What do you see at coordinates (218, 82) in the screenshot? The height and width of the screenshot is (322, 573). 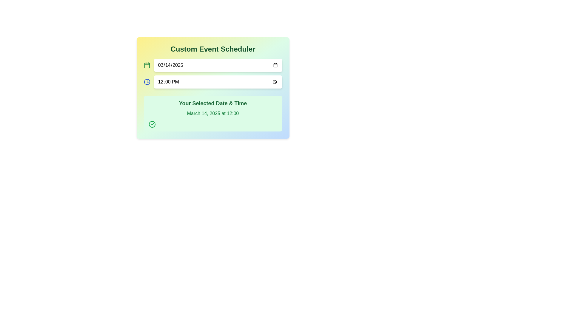 I see `the Time input field located in the second row of the 'Custom Event Scheduler' component` at bounding box center [218, 82].